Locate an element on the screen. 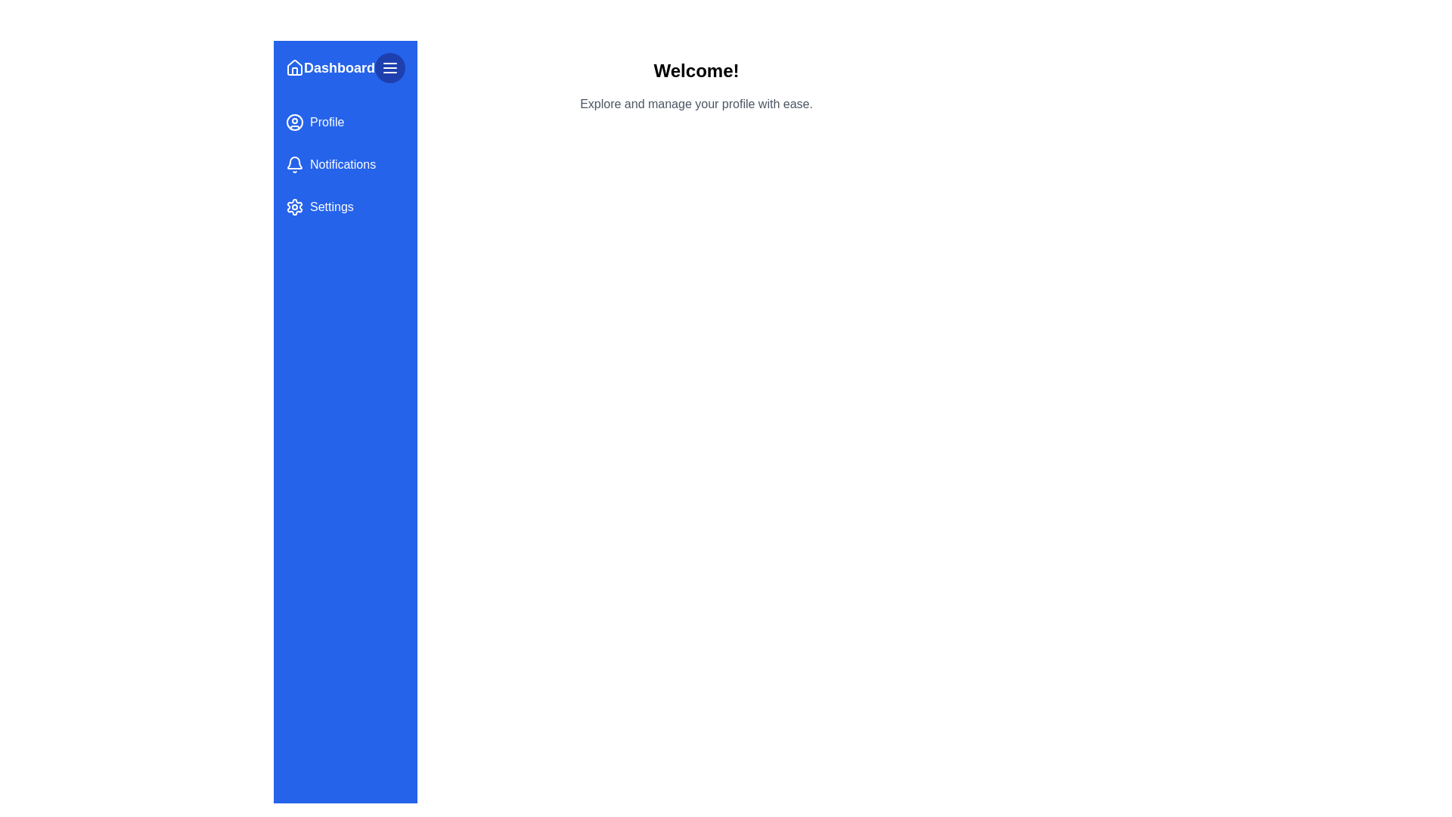  the 'Notifications' menu item, which features a bell icon and is located in the middle section of the vertical menu on the left, below the 'Profile' item and above the 'Settings' item is located at coordinates (344, 165).